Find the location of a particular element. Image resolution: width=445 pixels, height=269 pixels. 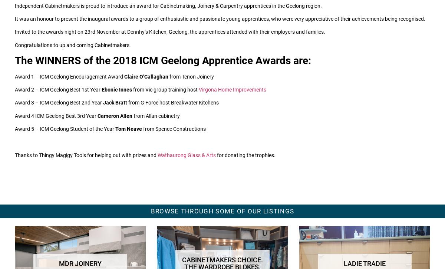

'Wathaurong Glass & Arts' is located at coordinates (186, 155).